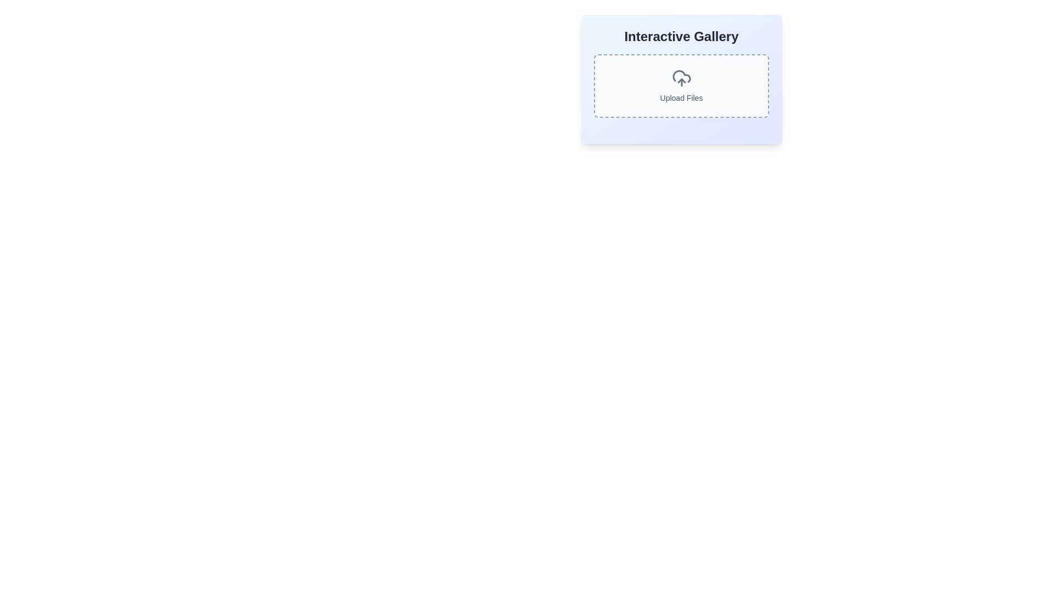  What do you see at coordinates (681, 77) in the screenshot?
I see `the cloud-shaped icon with a vertical arrow pointing upwards` at bounding box center [681, 77].